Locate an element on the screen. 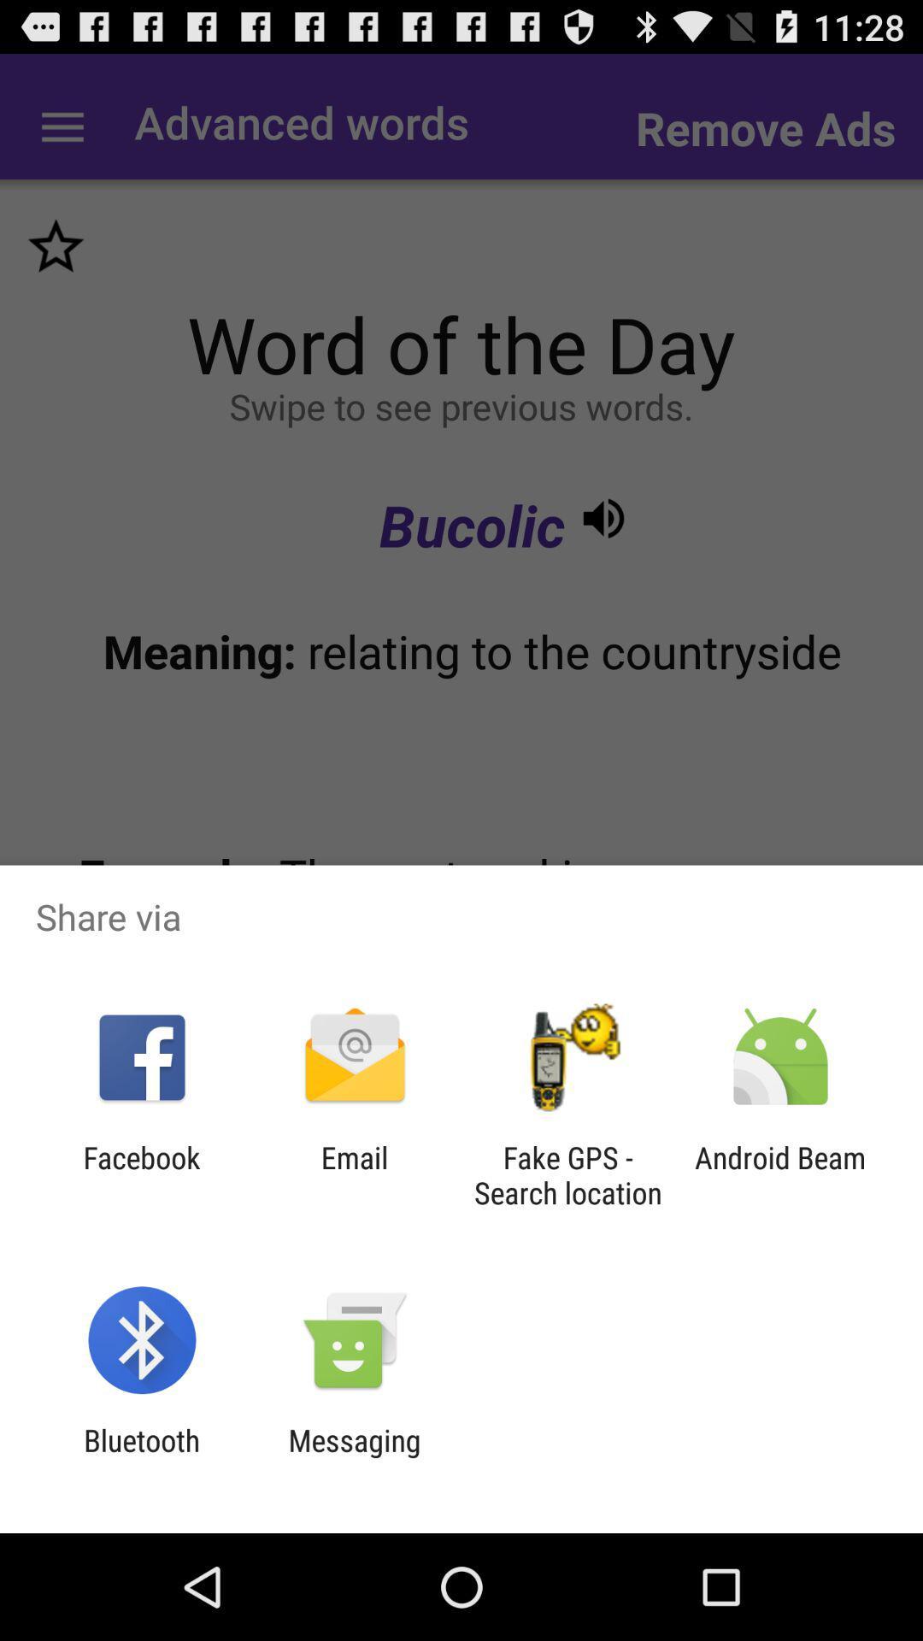  messaging is located at coordinates (354, 1457).